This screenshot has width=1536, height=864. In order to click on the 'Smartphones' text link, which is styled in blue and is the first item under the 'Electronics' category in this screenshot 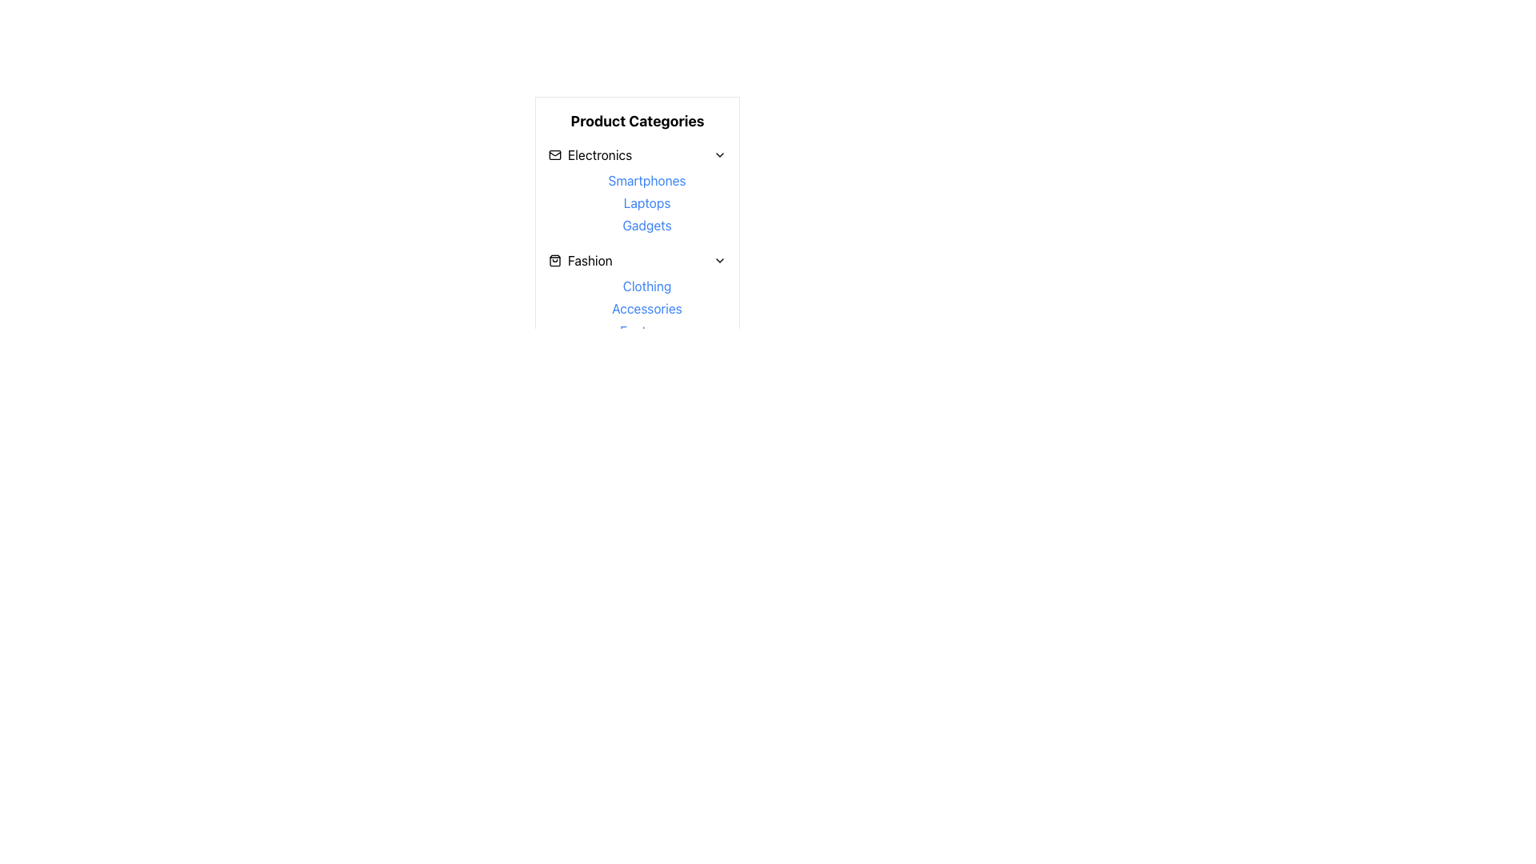, I will do `click(647, 180)`.